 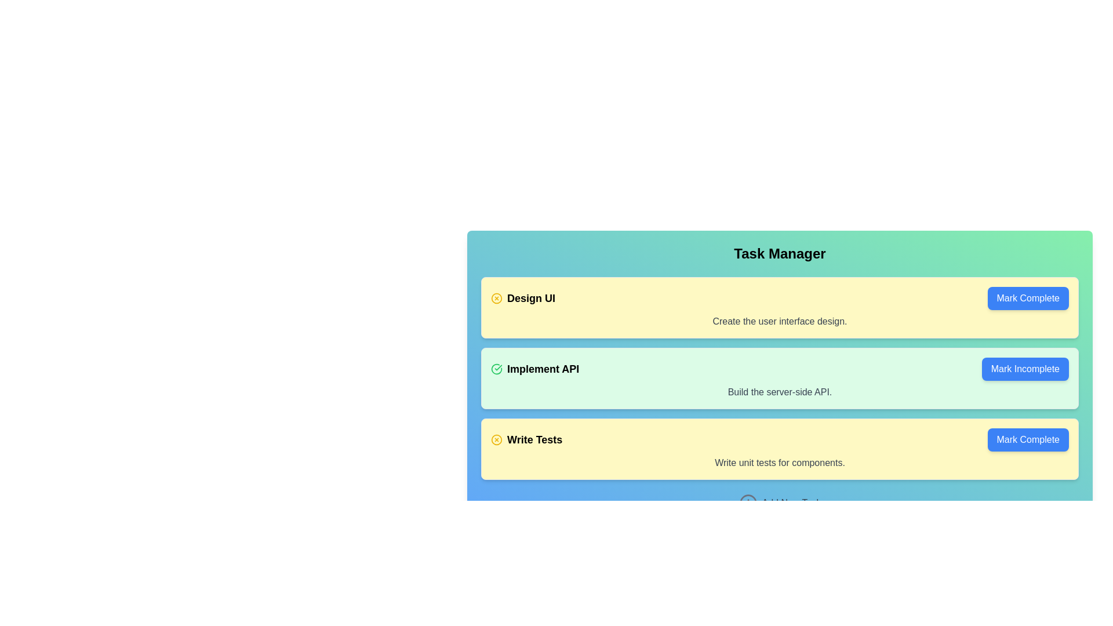 I want to click on the icon indicating the successful state of the 'Implement API' task, which is located in the second row of the task list, next to its text, so click(x=497, y=369).